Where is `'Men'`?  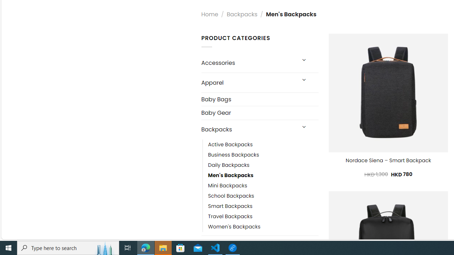
'Men' is located at coordinates (231, 175).